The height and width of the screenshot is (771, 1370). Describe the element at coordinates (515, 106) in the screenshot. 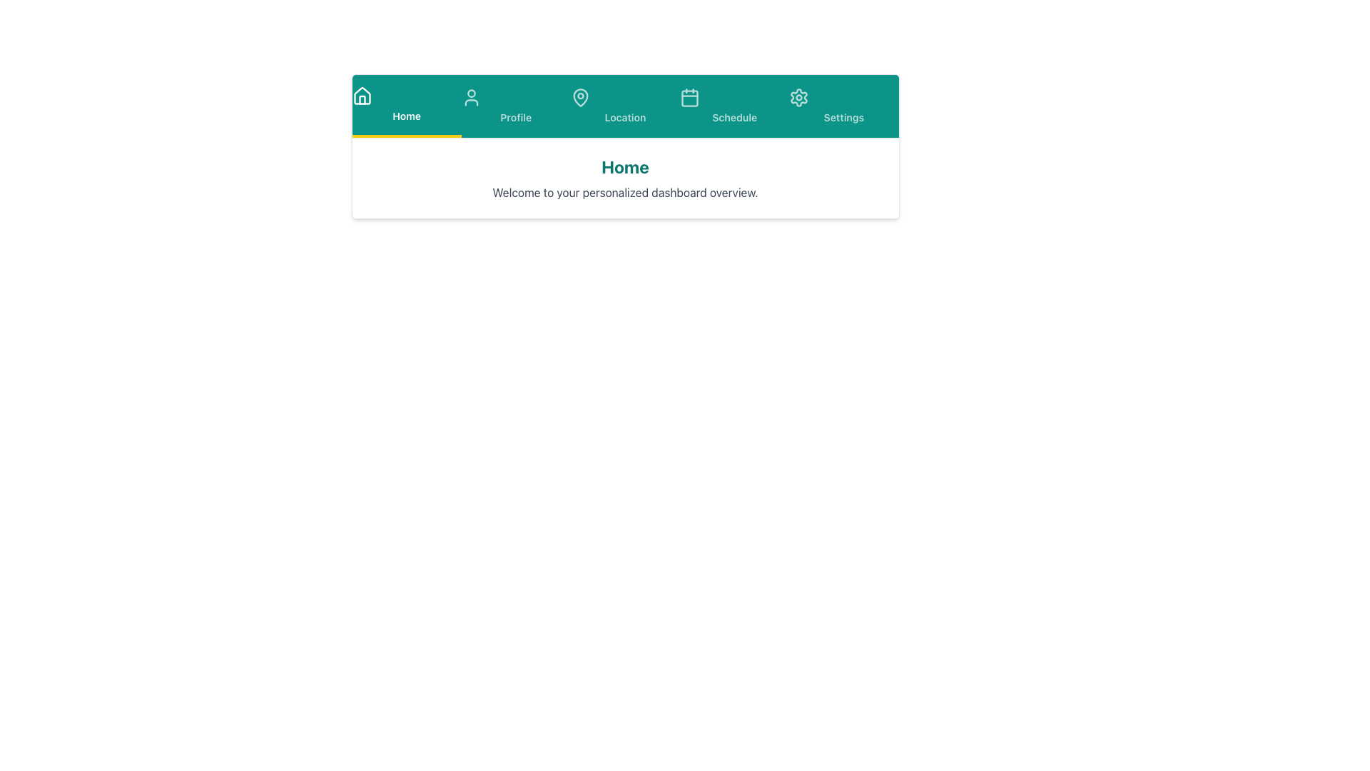

I see `the teal-colored 'Profile' tab which contains a white outline icon of a person and is positioned between the 'Home' and 'Location' tabs` at that location.